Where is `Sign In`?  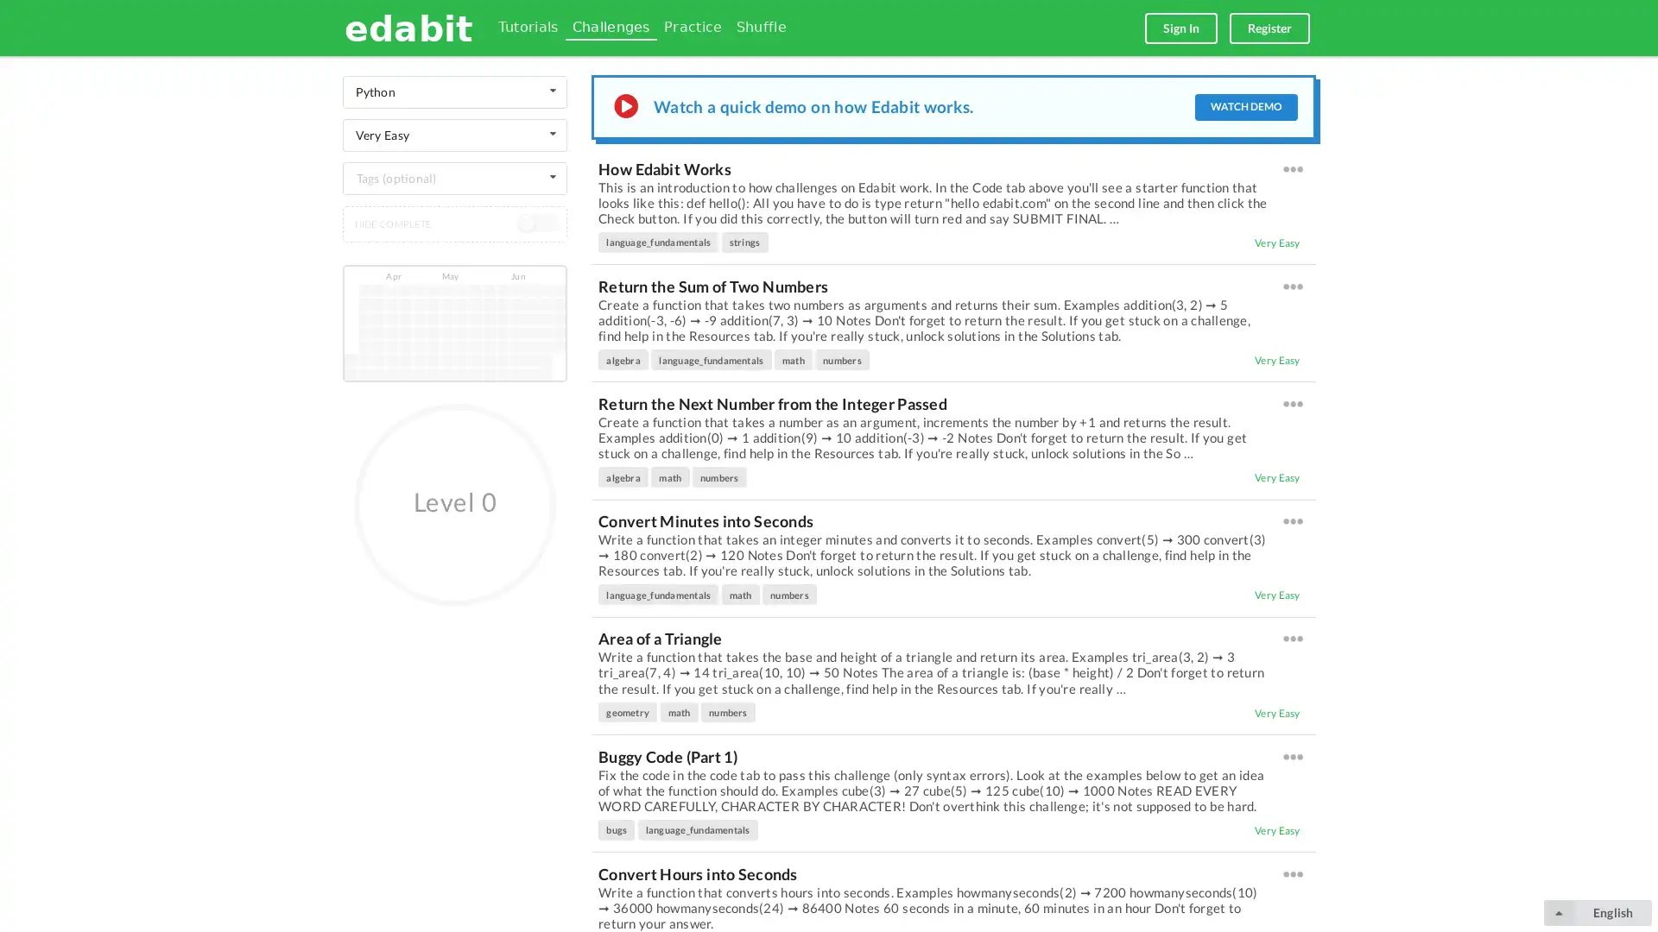 Sign In is located at coordinates (1180, 27).